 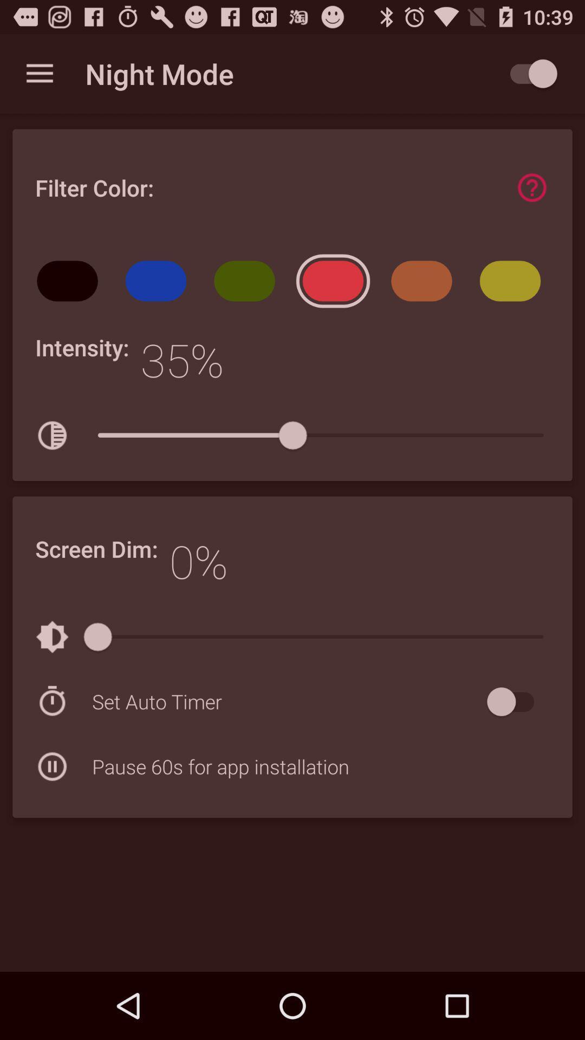 What do you see at coordinates (531, 187) in the screenshot?
I see `need help` at bounding box center [531, 187].